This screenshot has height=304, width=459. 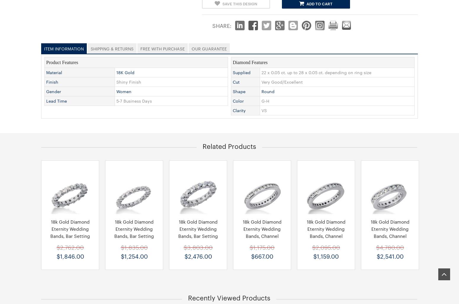 I want to click on 'Shipping & Returns', so click(x=112, y=48).